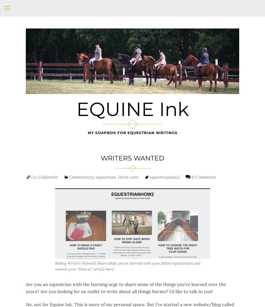 Image resolution: width=265 pixels, height=307 pixels. I want to click on 'equestrian', so click(105, 176).